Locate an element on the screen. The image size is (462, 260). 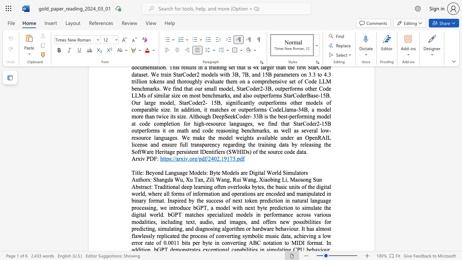
the subset text "ttps://arxiv.org/pdf/2402.1917" within the text "https://arxiv.org/pdf/2402.19173.pdf" is located at coordinates (162, 158).